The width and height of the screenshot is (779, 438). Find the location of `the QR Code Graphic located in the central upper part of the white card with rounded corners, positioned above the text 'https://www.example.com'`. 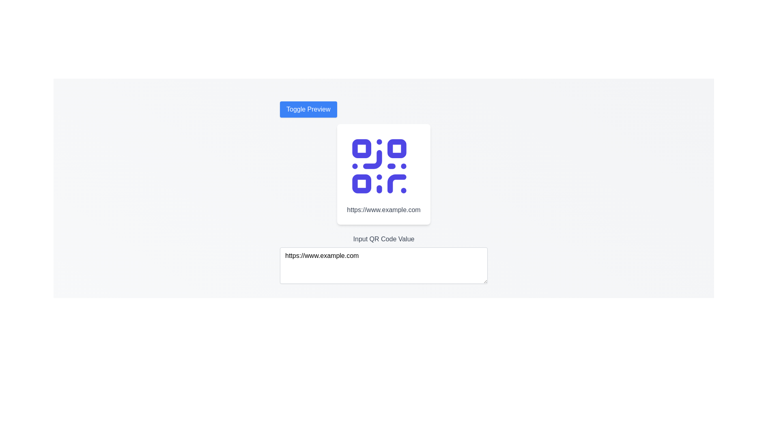

the QR Code Graphic located in the central upper part of the white card with rounded corners, positioned above the text 'https://www.example.com' is located at coordinates (379, 165).